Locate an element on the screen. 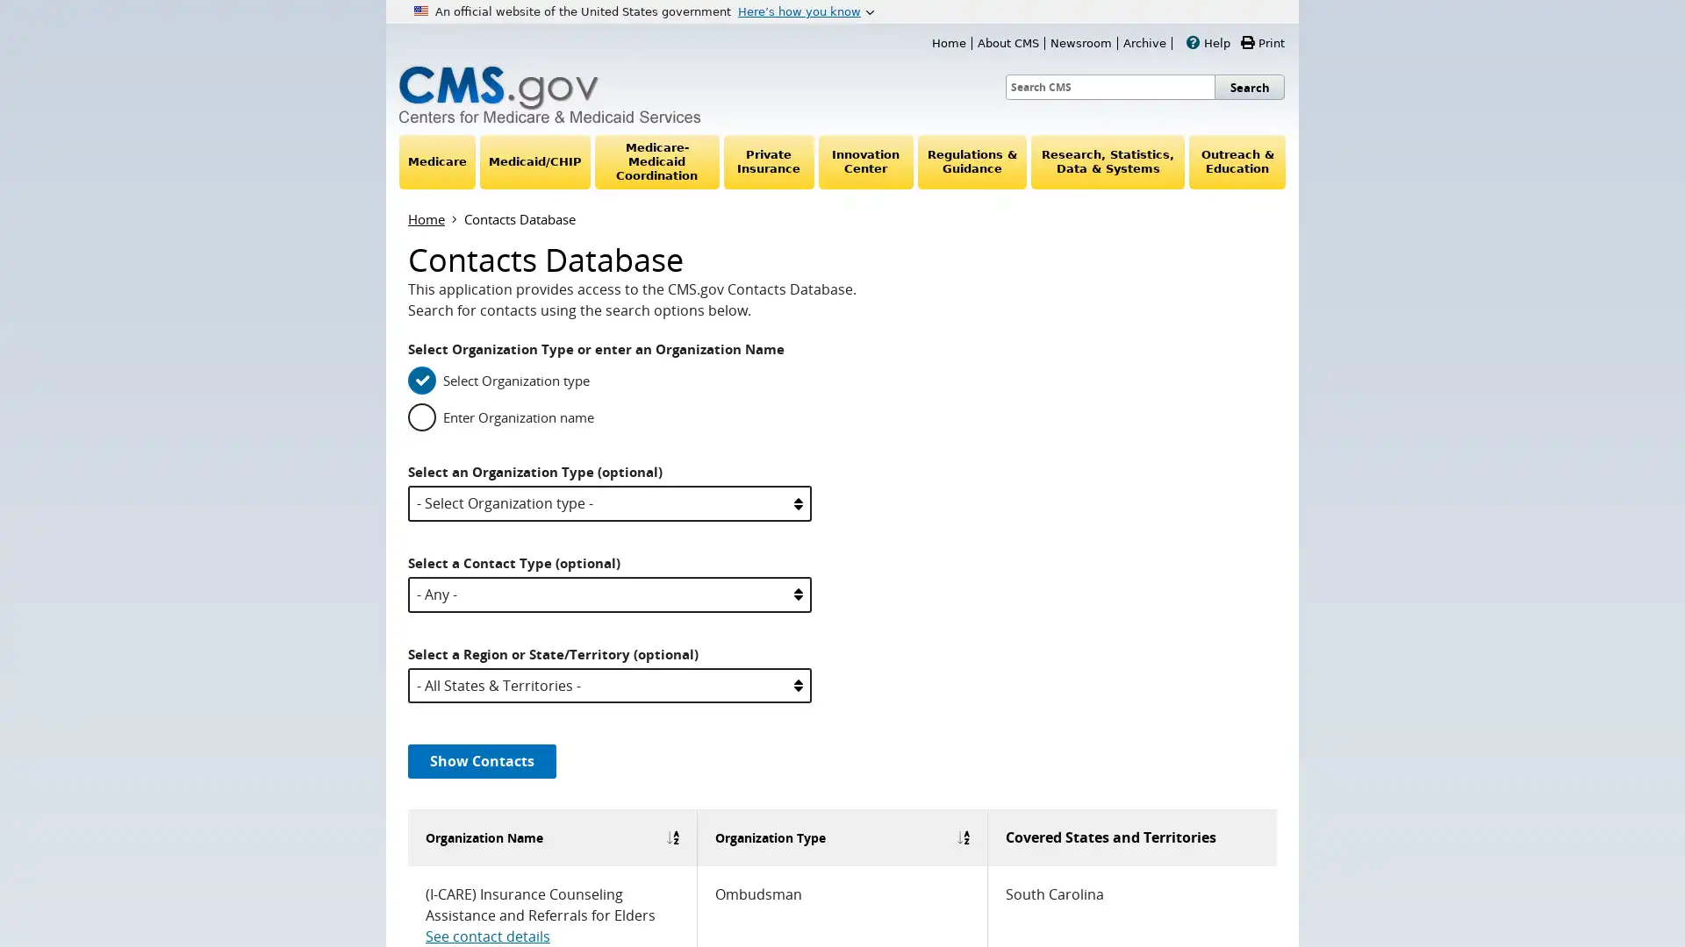 The width and height of the screenshot is (1685, 947). Show Contacts is located at coordinates (482, 760).